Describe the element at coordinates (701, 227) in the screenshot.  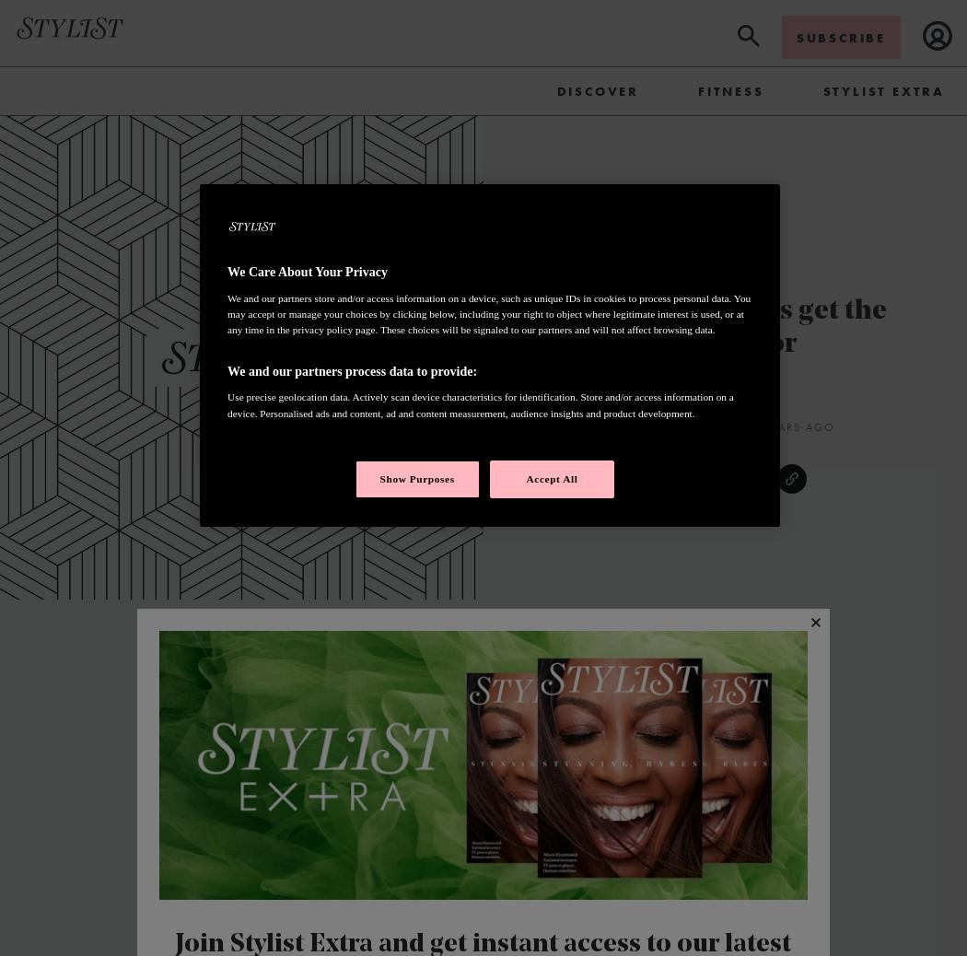
I see `'Beauty'` at that location.